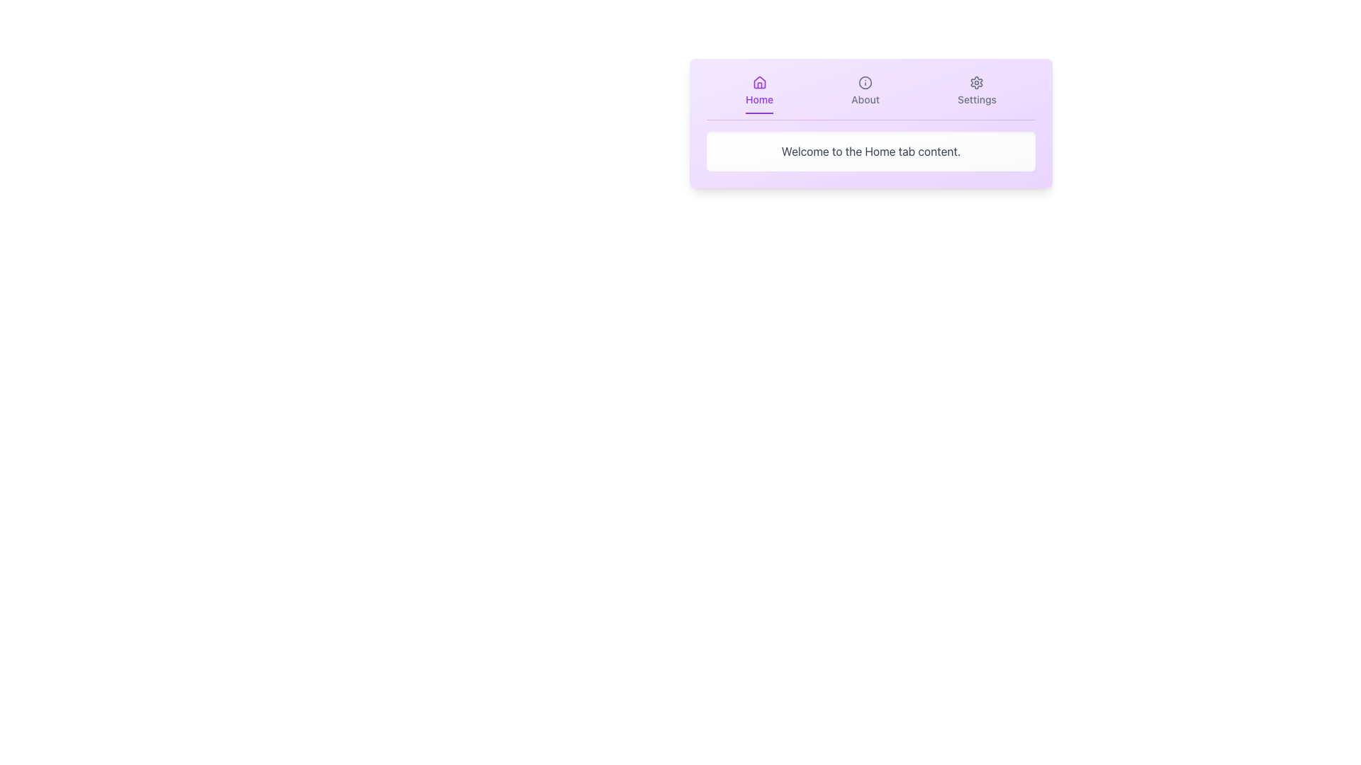 The height and width of the screenshot is (765, 1361). Describe the element at coordinates (758, 95) in the screenshot. I see `the navigational button that redirects users to the home section of the application, located at the upper central area of the interface, to apply the hover effect` at that location.